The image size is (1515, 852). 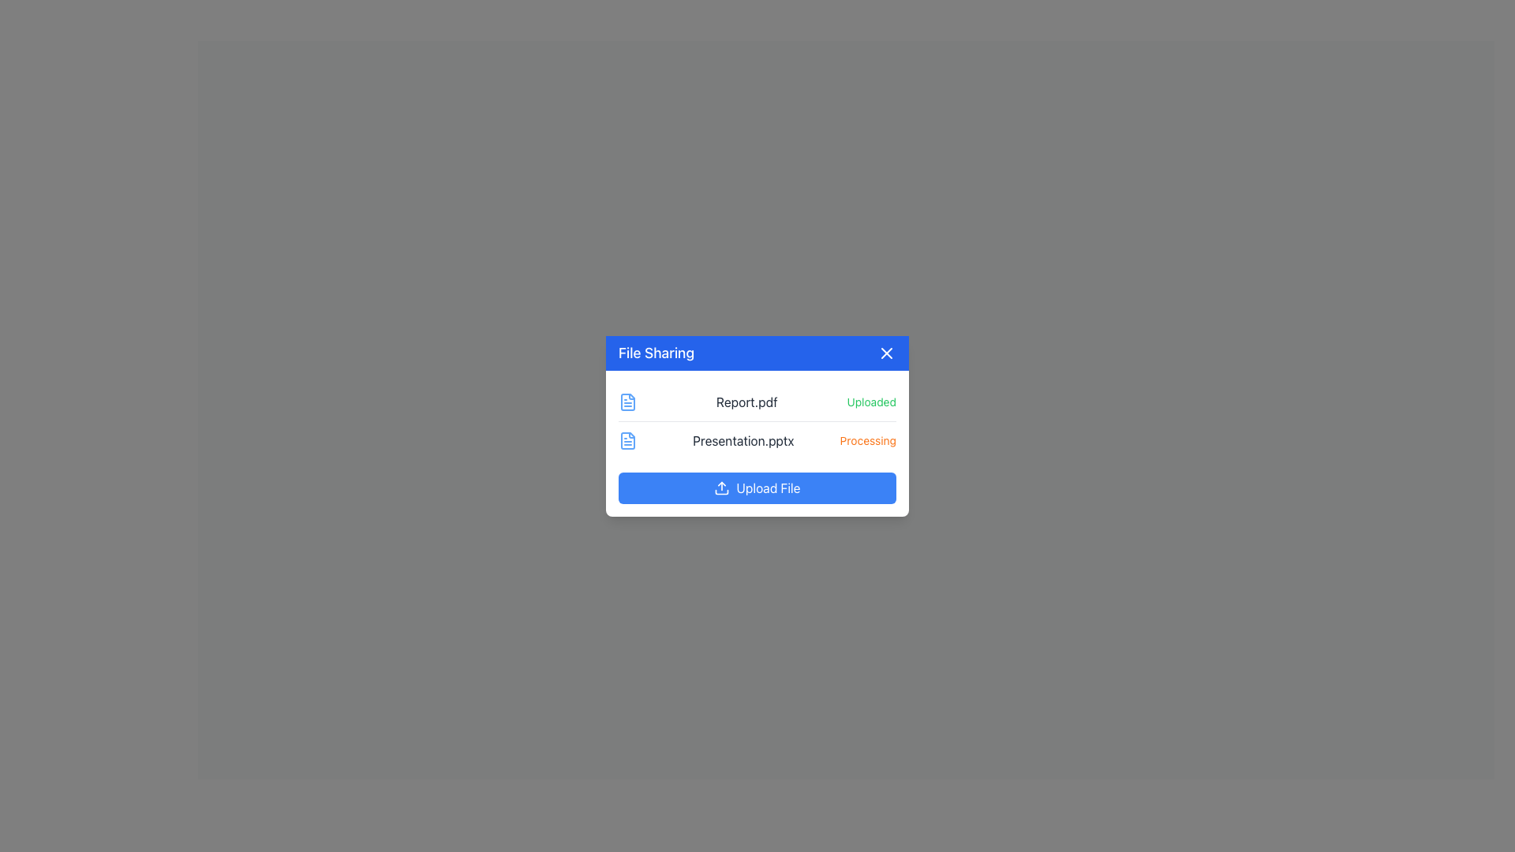 I want to click on the blue document file icon located to the left of the file name 'Presentation.pptx', so click(x=627, y=440).